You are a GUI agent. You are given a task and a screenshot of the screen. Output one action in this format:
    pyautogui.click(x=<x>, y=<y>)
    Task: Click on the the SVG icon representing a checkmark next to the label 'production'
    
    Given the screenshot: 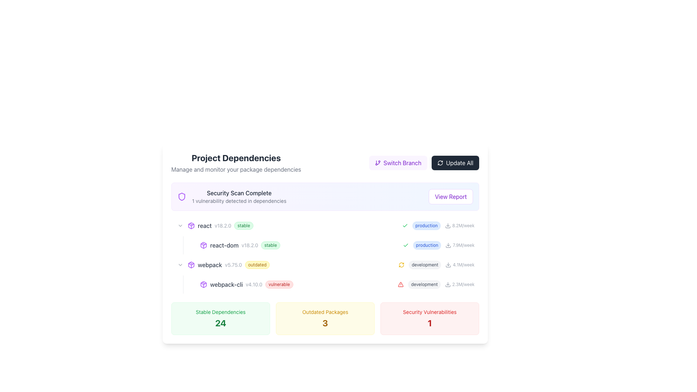 What is the action you would take?
    pyautogui.click(x=405, y=225)
    